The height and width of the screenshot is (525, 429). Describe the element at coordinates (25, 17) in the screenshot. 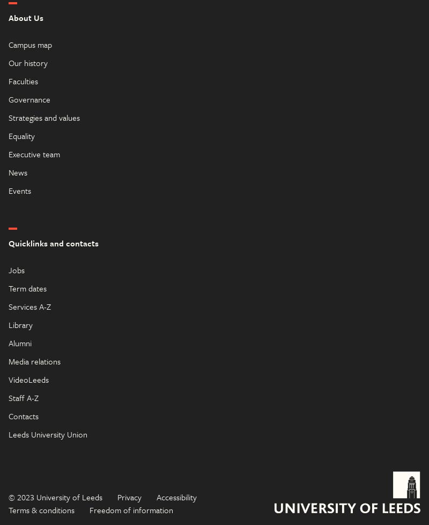

I see `'About Us'` at that location.